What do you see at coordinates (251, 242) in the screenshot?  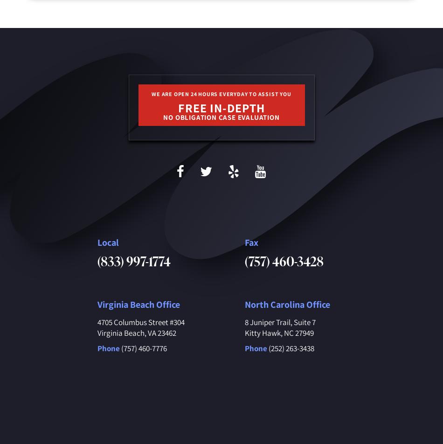 I see `'Fax'` at bounding box center [251, 242].